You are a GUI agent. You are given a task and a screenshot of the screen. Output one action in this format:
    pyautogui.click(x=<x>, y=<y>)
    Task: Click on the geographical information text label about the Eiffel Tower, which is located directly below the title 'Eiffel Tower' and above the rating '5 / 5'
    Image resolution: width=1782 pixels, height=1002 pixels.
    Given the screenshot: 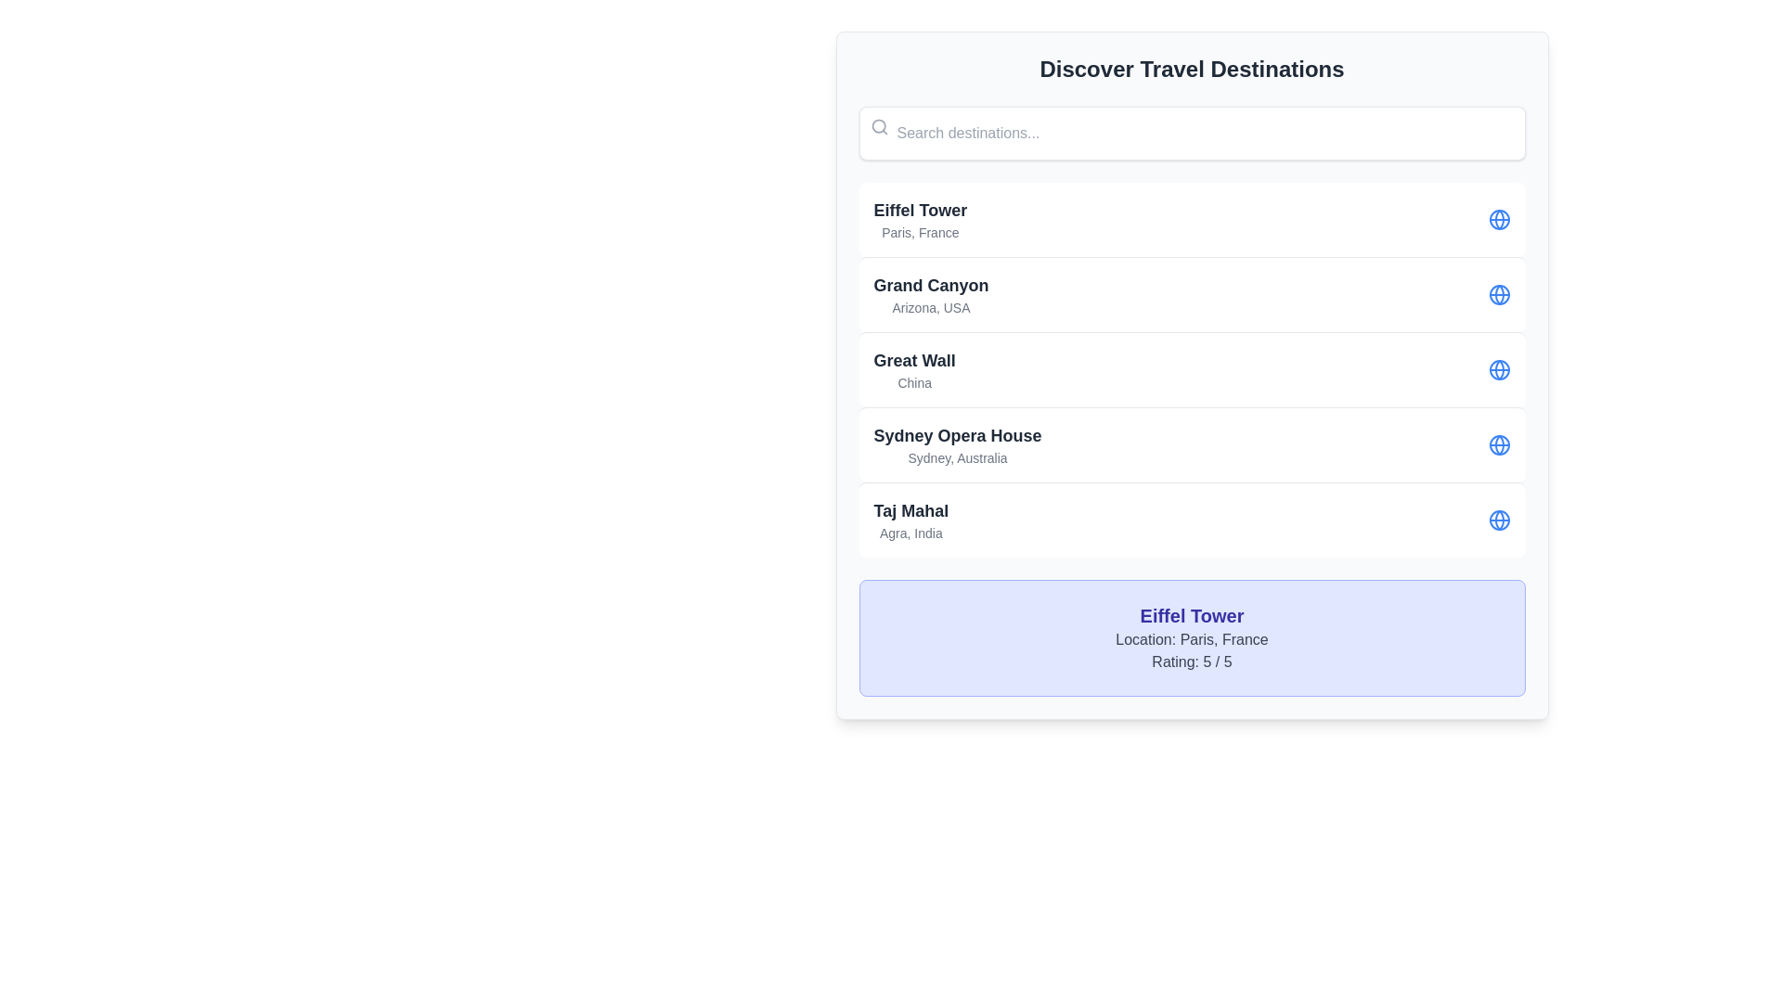 What is the action you would take?
    pyautogui.click(x=1192, y=639)
    